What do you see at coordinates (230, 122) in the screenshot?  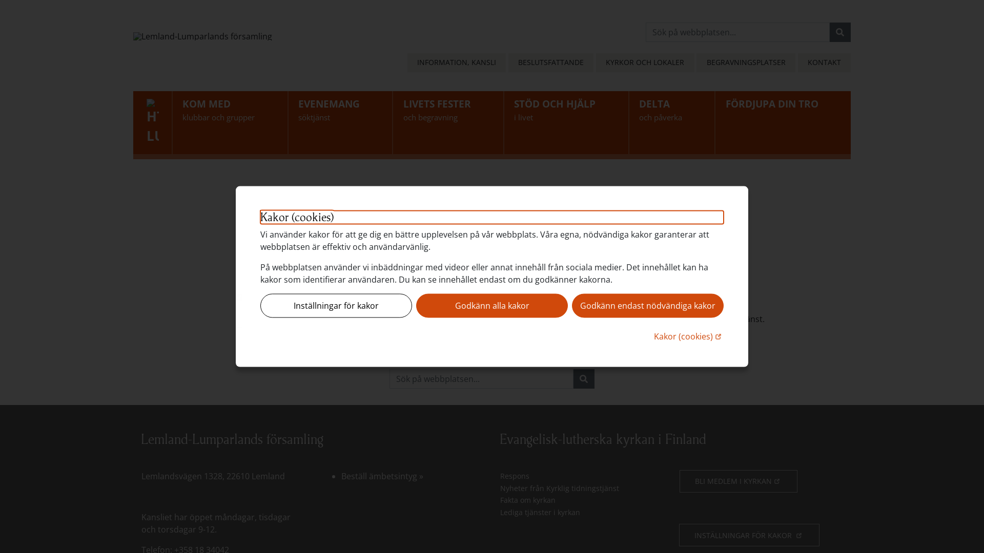 I see `'KOM MED` at bounding box center [230, 122].